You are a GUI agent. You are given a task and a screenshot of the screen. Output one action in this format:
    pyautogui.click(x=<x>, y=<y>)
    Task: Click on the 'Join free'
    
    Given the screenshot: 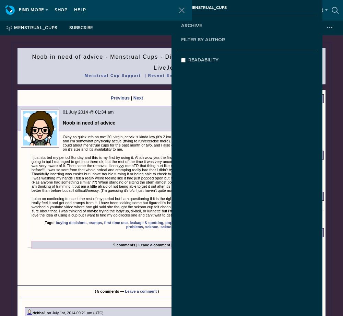 What is the action you would take?
    pyautogui.click(x=260, y=10)
    